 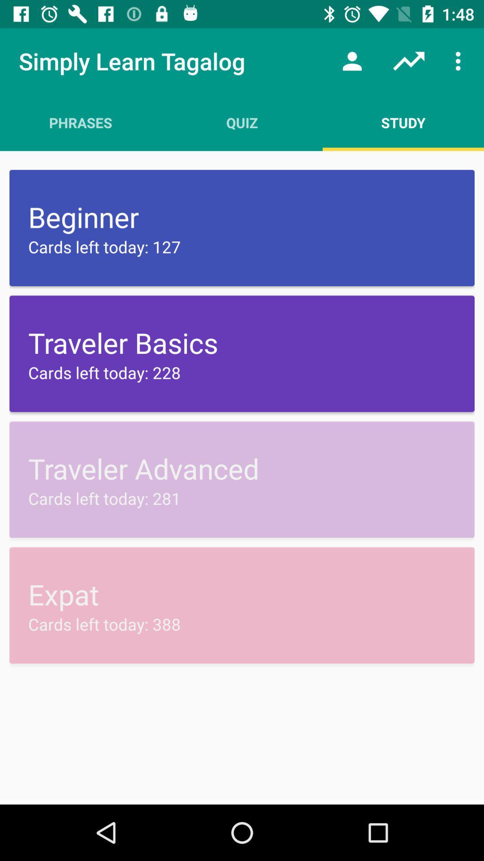 What do you see at coordinates (242, 479) in the screenshot?
I see `third box` at bounding box center [242, 479].